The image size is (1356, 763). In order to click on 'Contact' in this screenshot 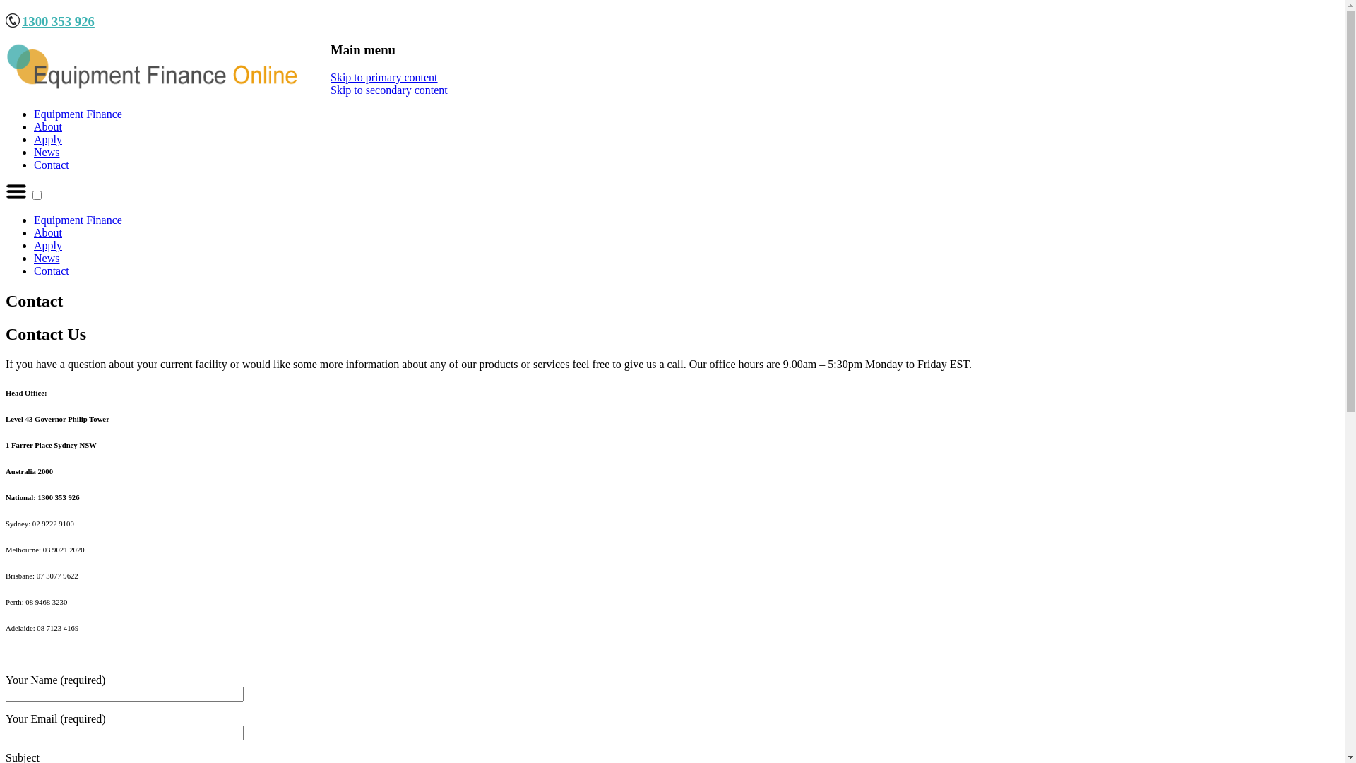, I will do `click(51, 271)`.